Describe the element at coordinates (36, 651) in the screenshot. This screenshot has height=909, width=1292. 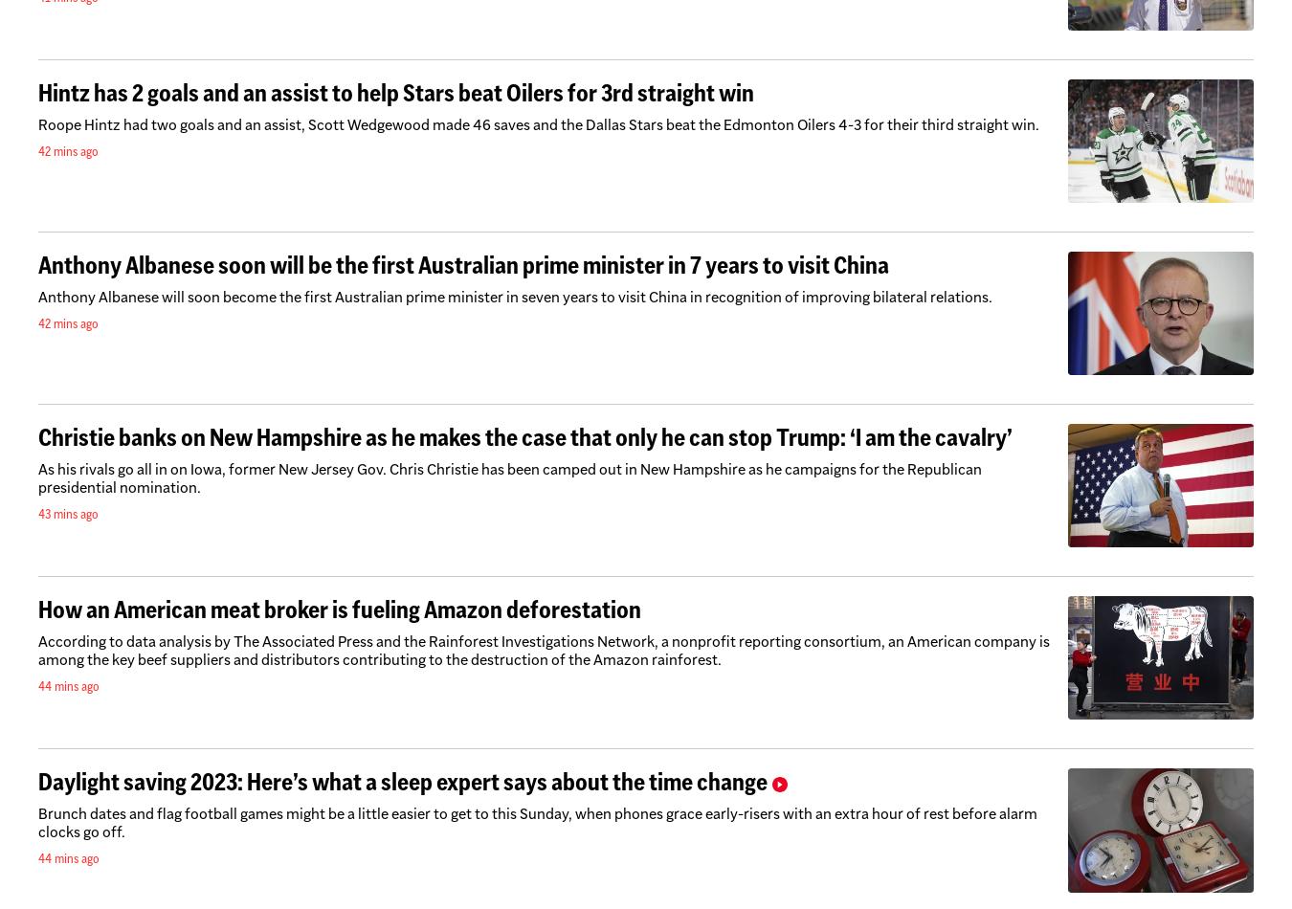
I see `'According to data analysis by The Associated Press and the Rainforest Investigations Network, a nonprofit reporting consortium, an American company is among the key beef suppliers and distributors contributing to the destruction of the Amazon rainforest.'` at that location.